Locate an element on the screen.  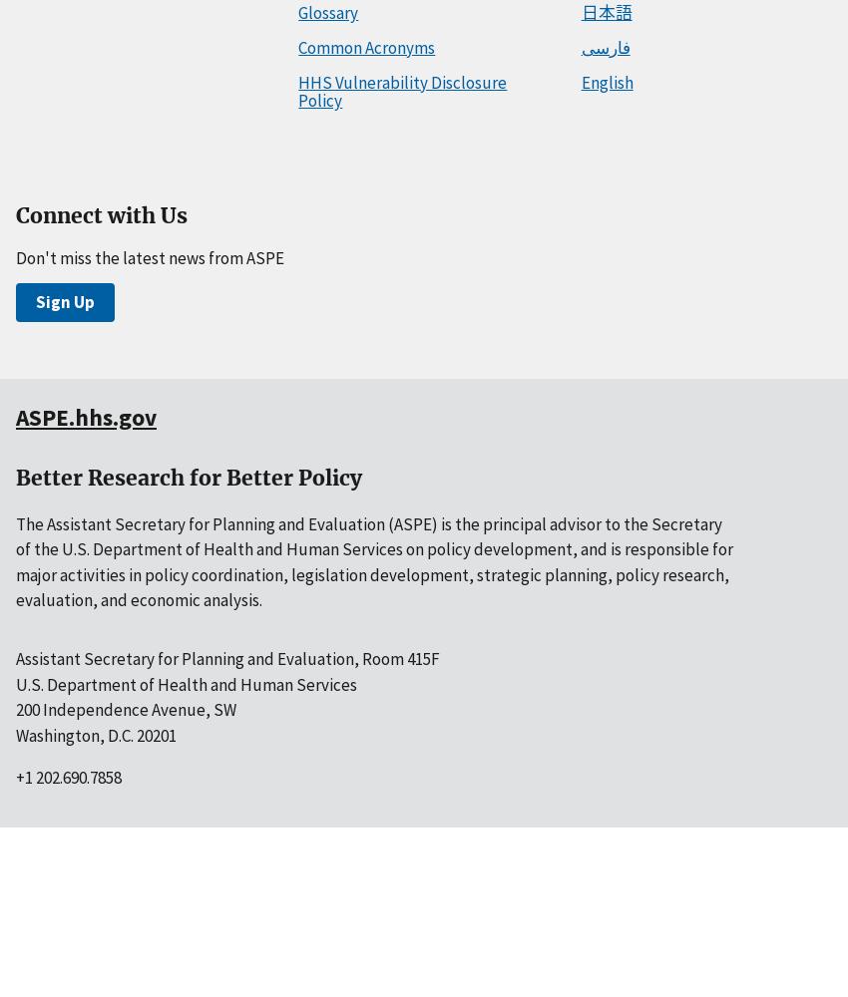
'Assistant Secretary for Planning and Evaluation, Room 415F' is located at coordinates (227, 659).